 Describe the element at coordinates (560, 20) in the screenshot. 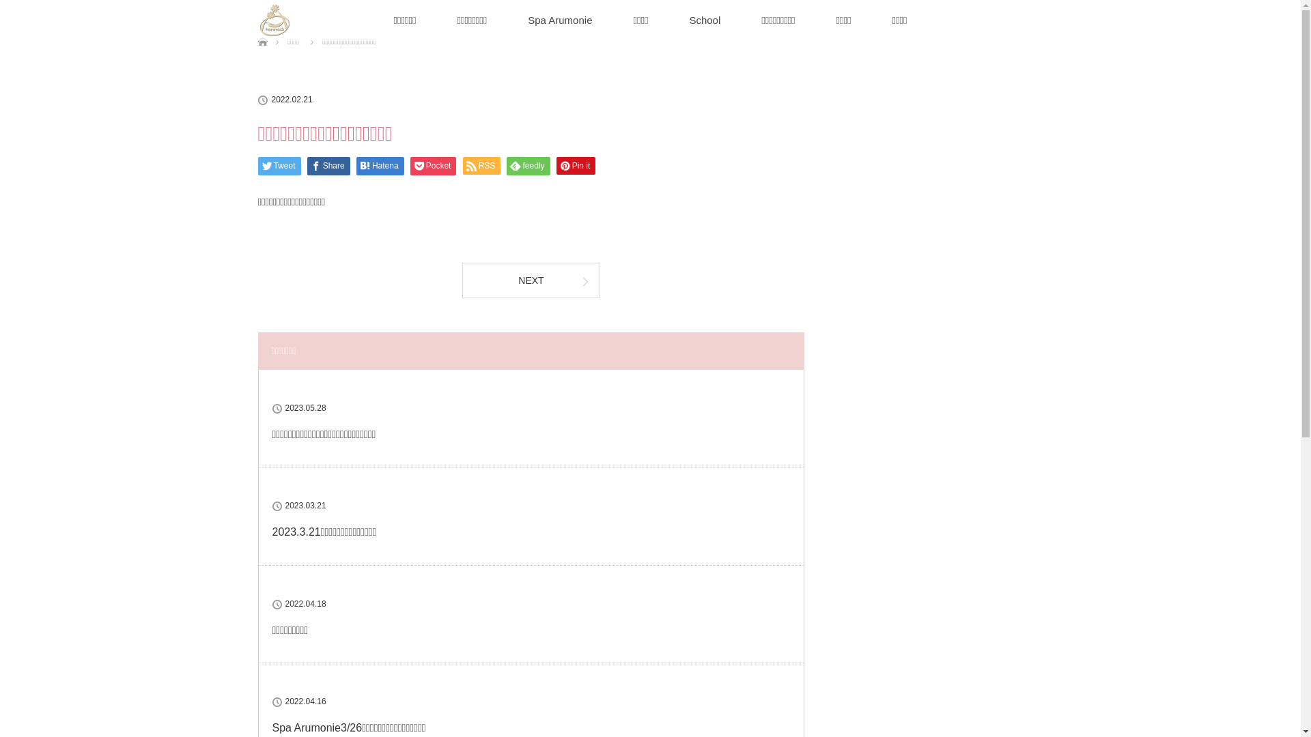

I see `'Spa Arumonie'` at that location.